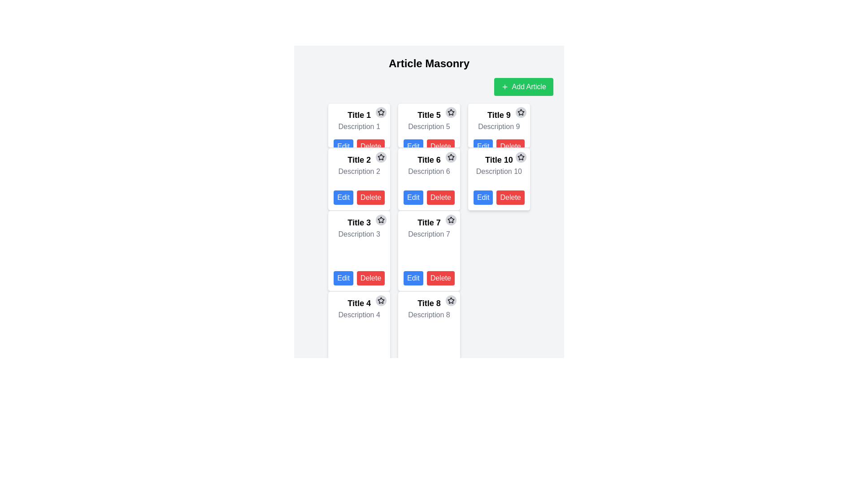  Describe the element at coordinates (381, 157) in the screenshot. I see `the circular button with a gray background and a star icon, located in the top-right corner of the card titled 'Title 2'` at that location.